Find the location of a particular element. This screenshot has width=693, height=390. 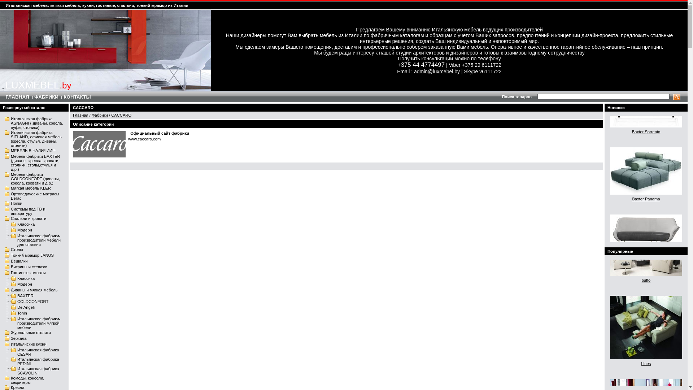

'CACCARO' is located at coordinates (121, 115).